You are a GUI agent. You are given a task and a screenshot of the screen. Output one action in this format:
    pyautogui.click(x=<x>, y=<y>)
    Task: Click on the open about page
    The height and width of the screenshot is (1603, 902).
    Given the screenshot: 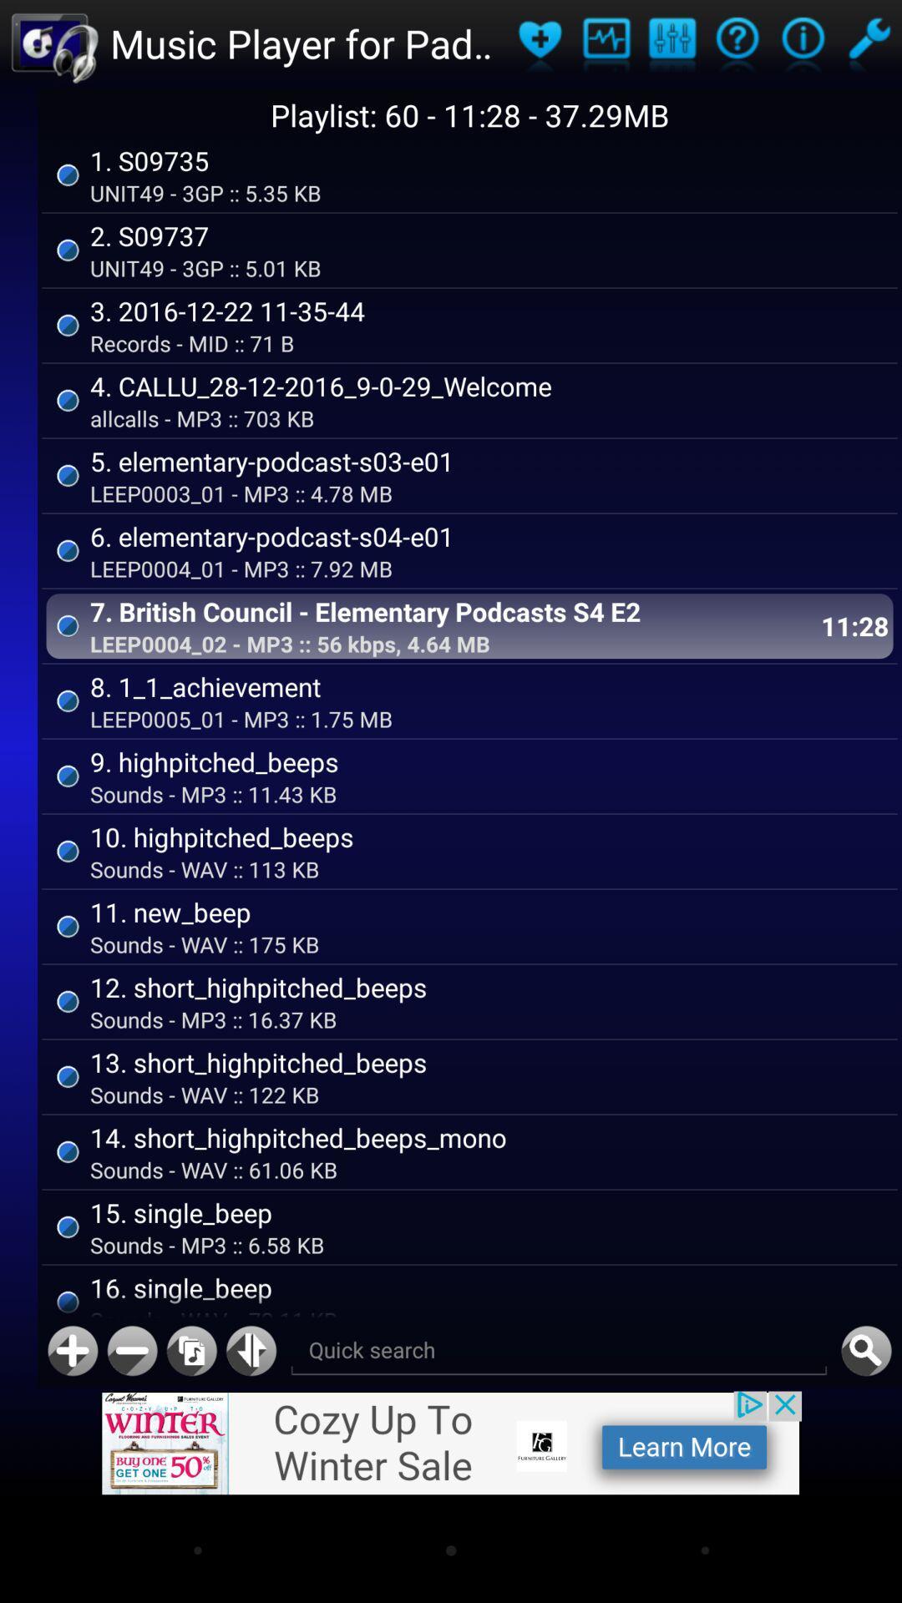 What is the action you would take?
    pyautogui.click(x=737, y=43)
    